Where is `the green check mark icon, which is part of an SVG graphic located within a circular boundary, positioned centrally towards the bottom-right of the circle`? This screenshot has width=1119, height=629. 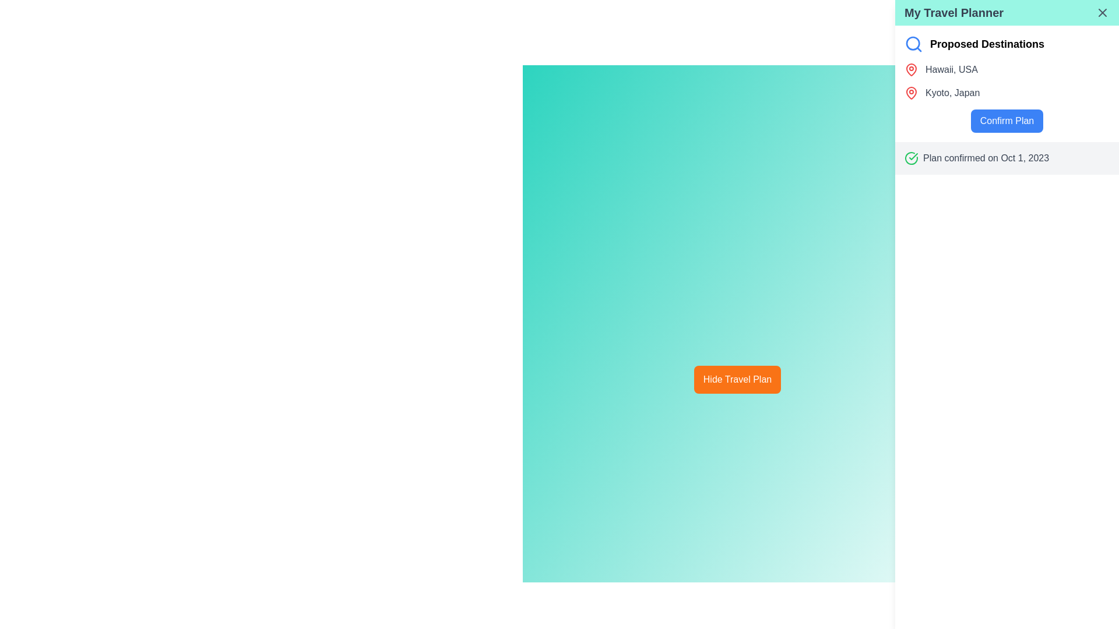 the green check mark icon, which is part of an SVG graphic located within a circular boundary, positioned centrally towards the bottom-right of the circle is located at coordinates (913, 156).